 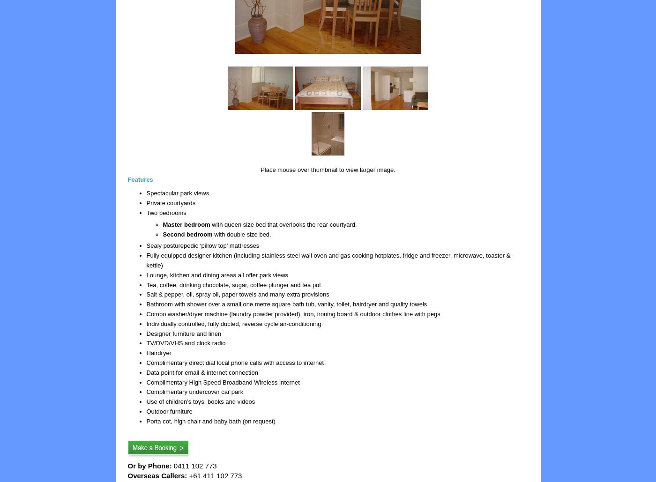 I want to click on 'Features', so click(x=140, y=179).